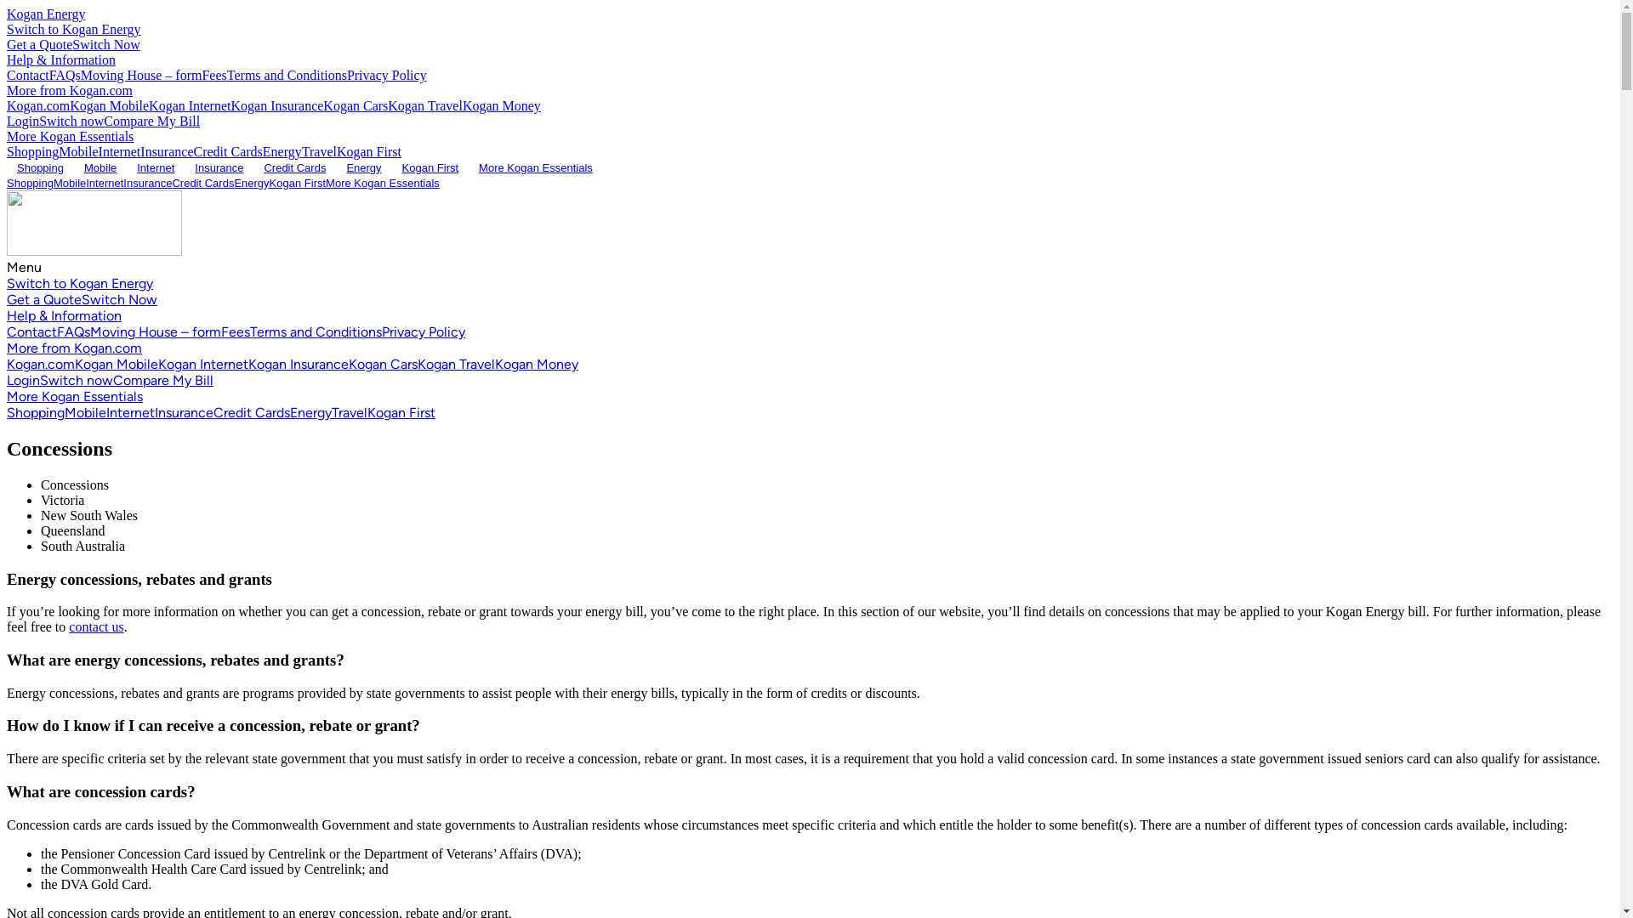 The width and height of the screenshot is (1633, 918). What do you see at coordinates (151, 120) in the screenshot?
I see `'Compare My Bill'` at bounding box center [151, 120].